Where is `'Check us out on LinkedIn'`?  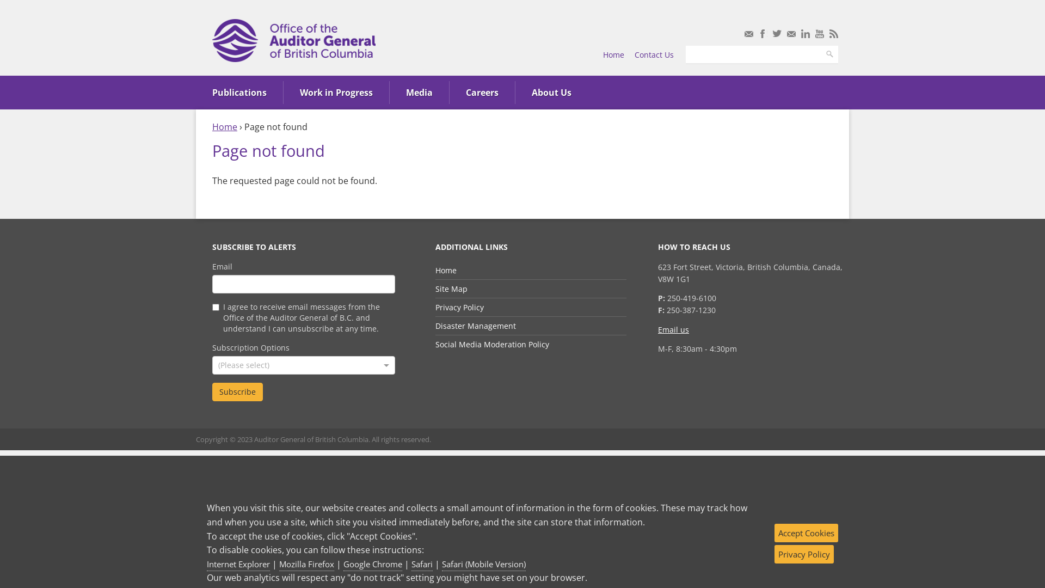
'Check us out on LinkedIn' is located at coordinates (805, 33).